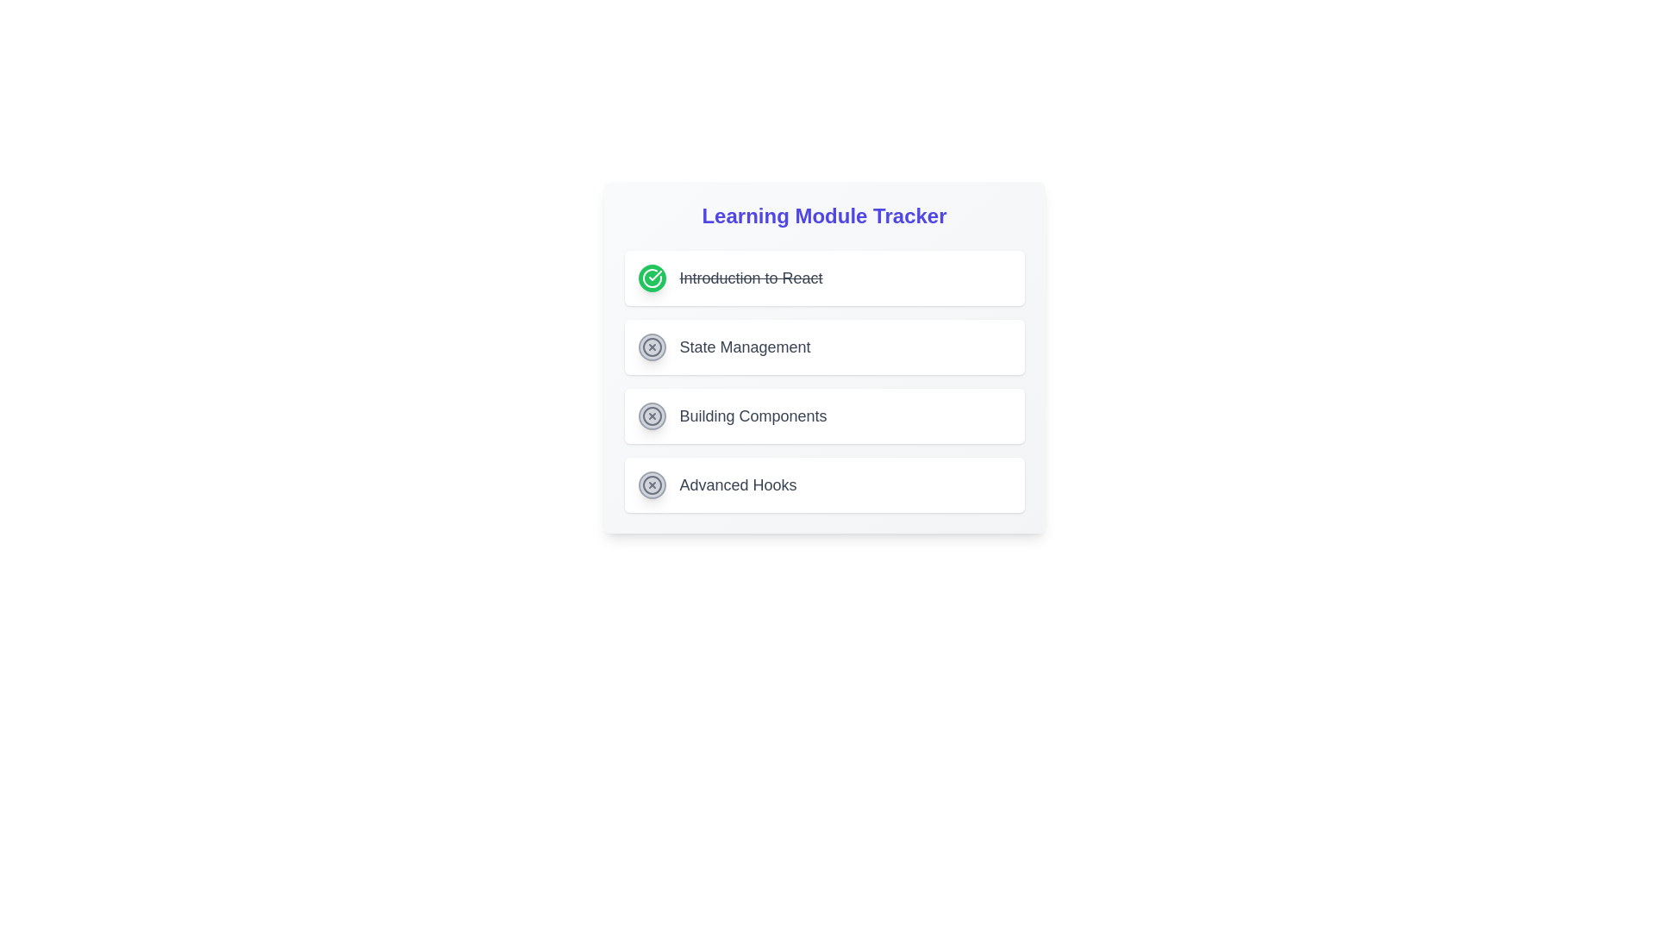  I want to click on the 'Advanced Hooks' text label, which is styled in medium size font and gray color, located as the last item in the vertical list under 'Learning Module Tracker', so click(738, 485).